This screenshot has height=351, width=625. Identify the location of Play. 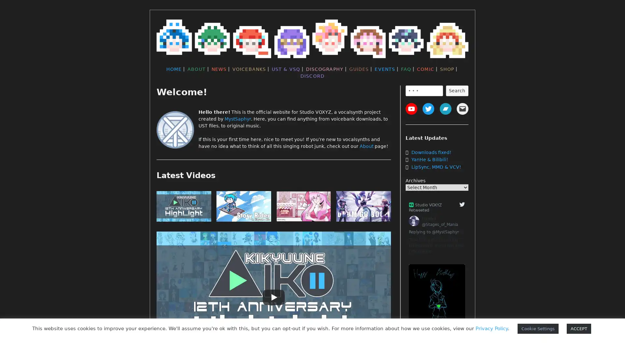
(273, 297).